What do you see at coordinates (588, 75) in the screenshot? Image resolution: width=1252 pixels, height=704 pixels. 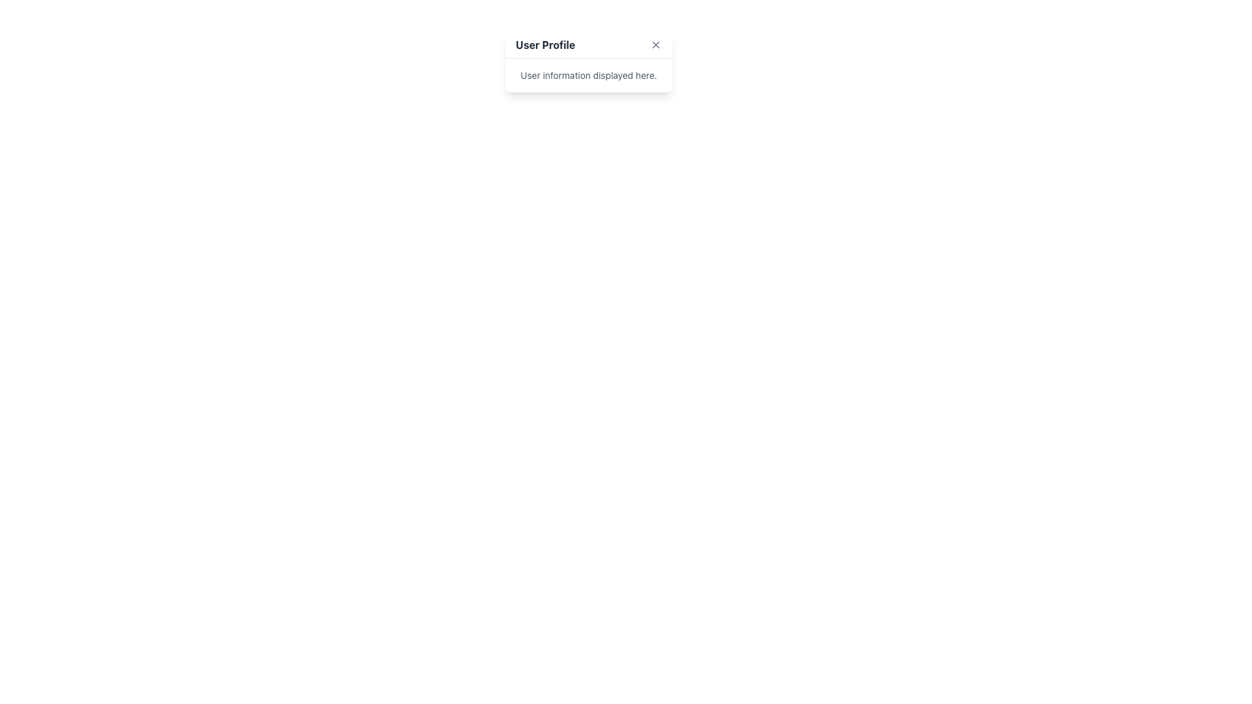 I see `the text label that displays 'User information displayed here.' located below the 'User Profile' title` at bounding box center [588, 75].